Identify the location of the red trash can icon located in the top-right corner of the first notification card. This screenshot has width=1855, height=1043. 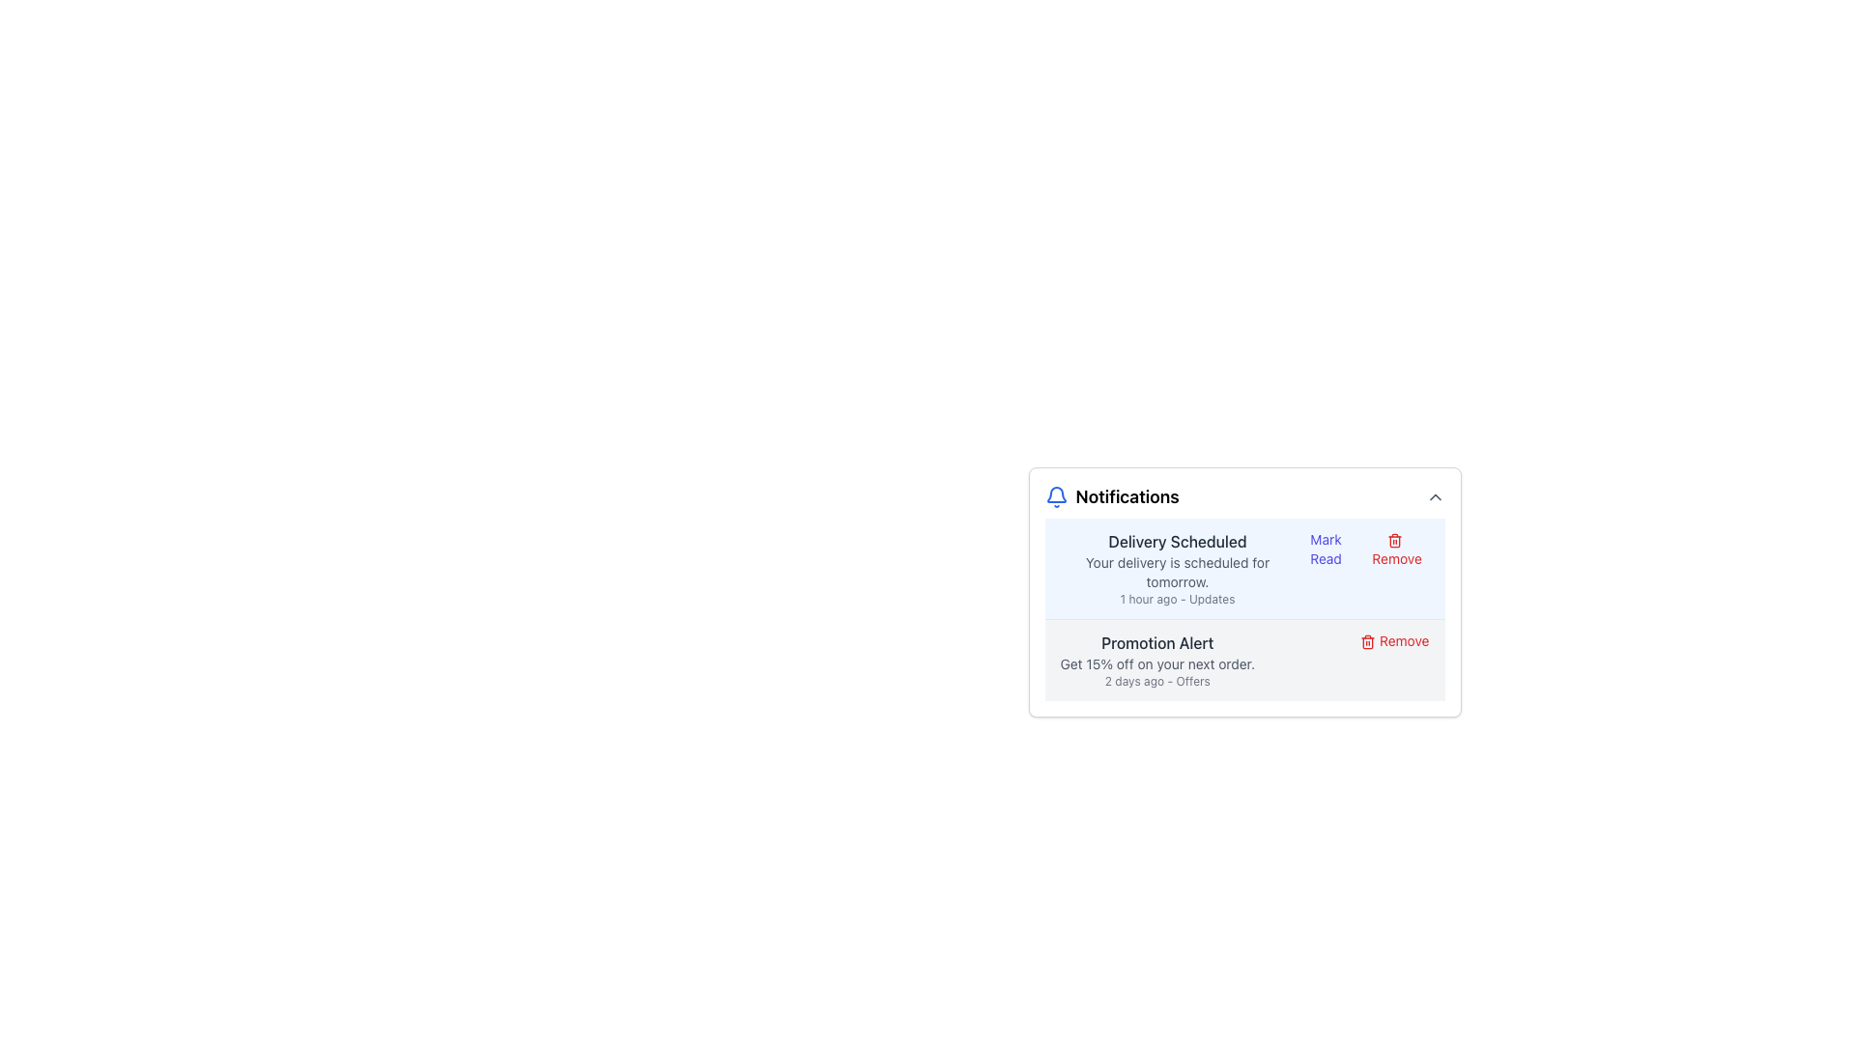
(1395, 541).